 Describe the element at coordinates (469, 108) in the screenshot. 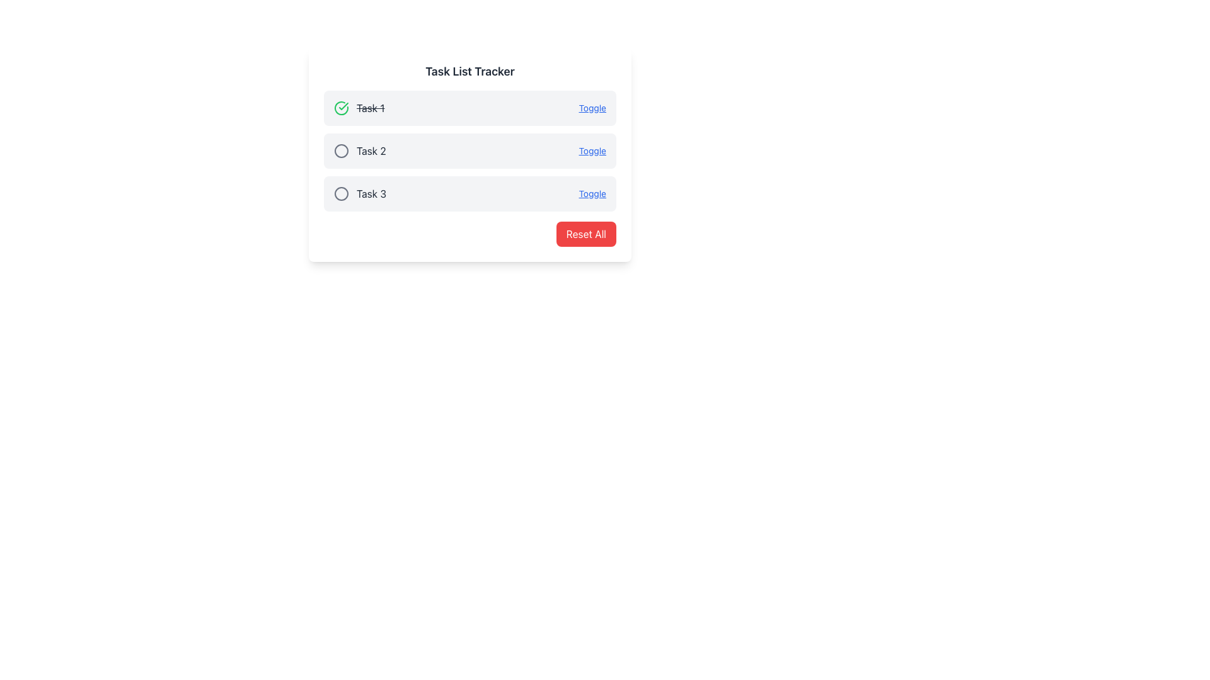

I see `the first task row in the task list` at that location.